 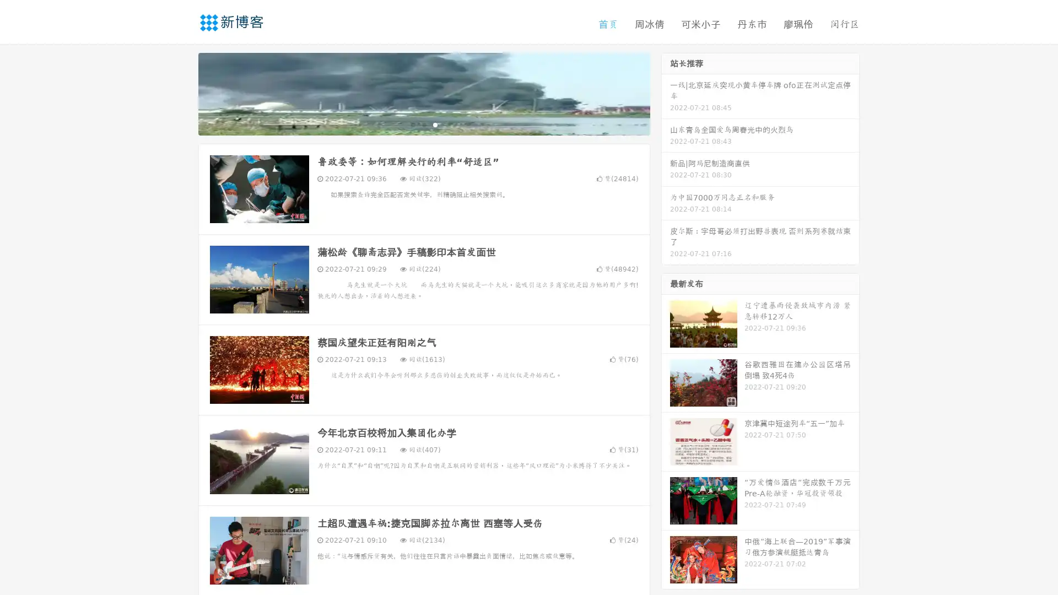 I want to click on Previous slide, so click(x=182, y=93).